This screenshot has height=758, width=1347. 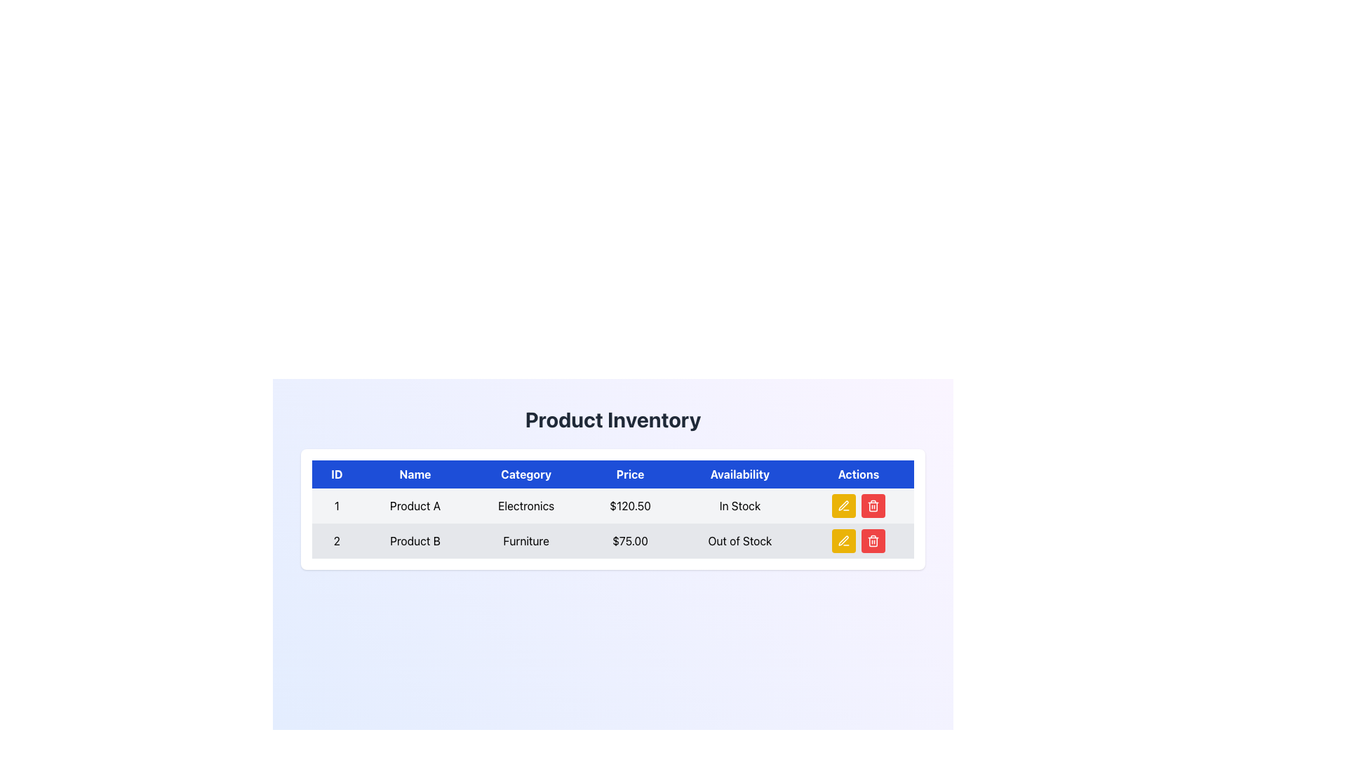 What do you see at coordinates (872, 506) in the screenshot?
I see `the delete icon in the Actions column of the second row of the table` at bounding box center [872, 506].